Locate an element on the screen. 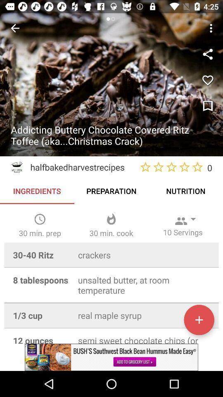 Image resolution: width=223 pixels, height=397 pixels. logo above ingredients is located at coordinates (17, 167).